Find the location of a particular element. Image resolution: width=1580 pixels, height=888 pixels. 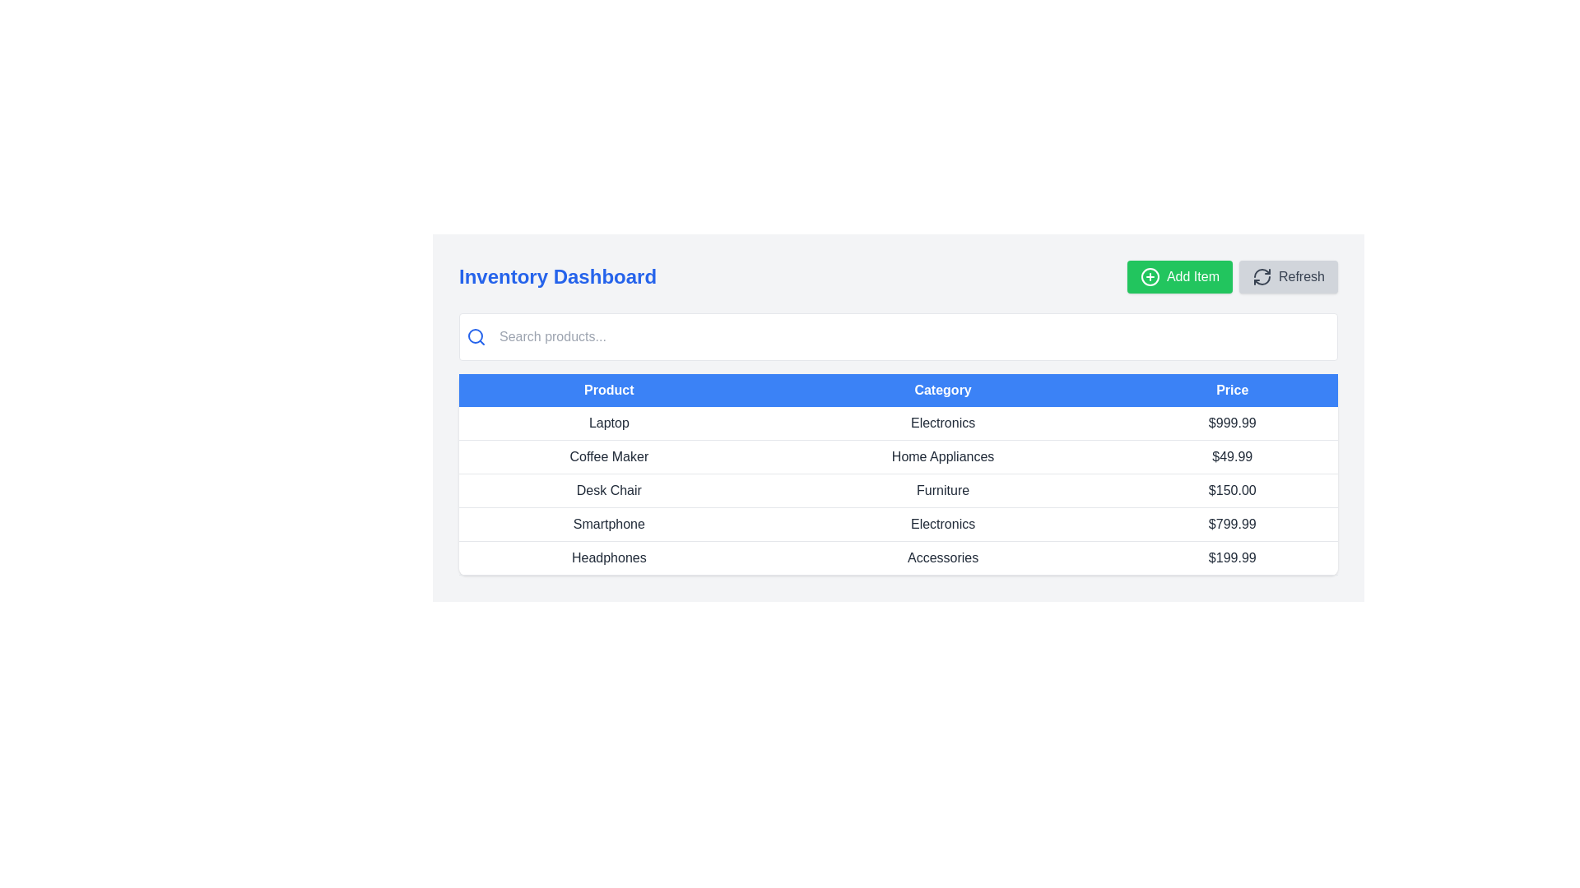

information displayed in the third row of the product list, which is located between 'Coffee Maker' and 'Smartphone' in the table structure is located at coordinates (897, 490).